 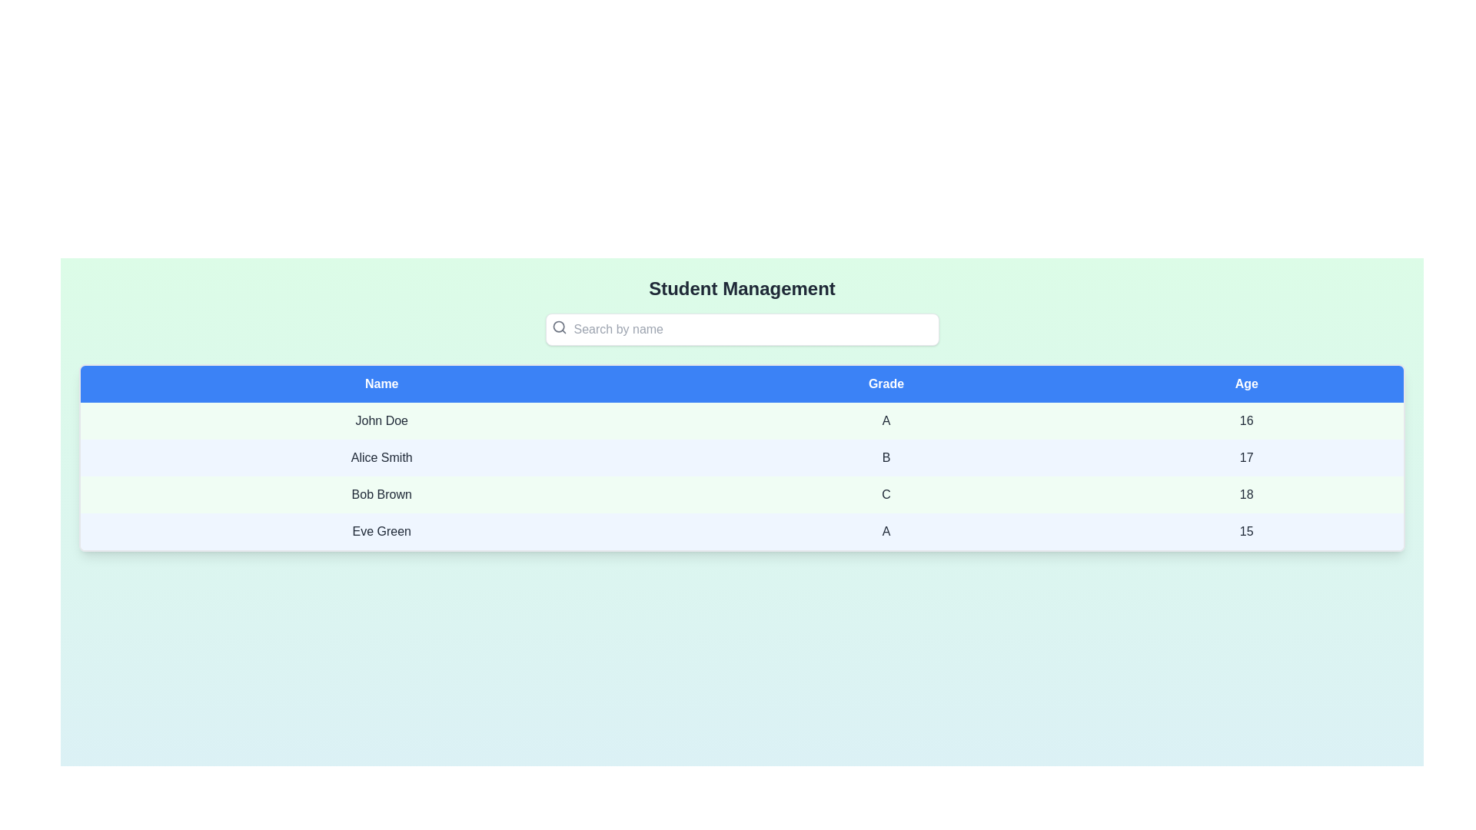 I want to click on the inner circular part of the magnifying glass icon located to the left inside the search bar, so click(x=557, y=326).